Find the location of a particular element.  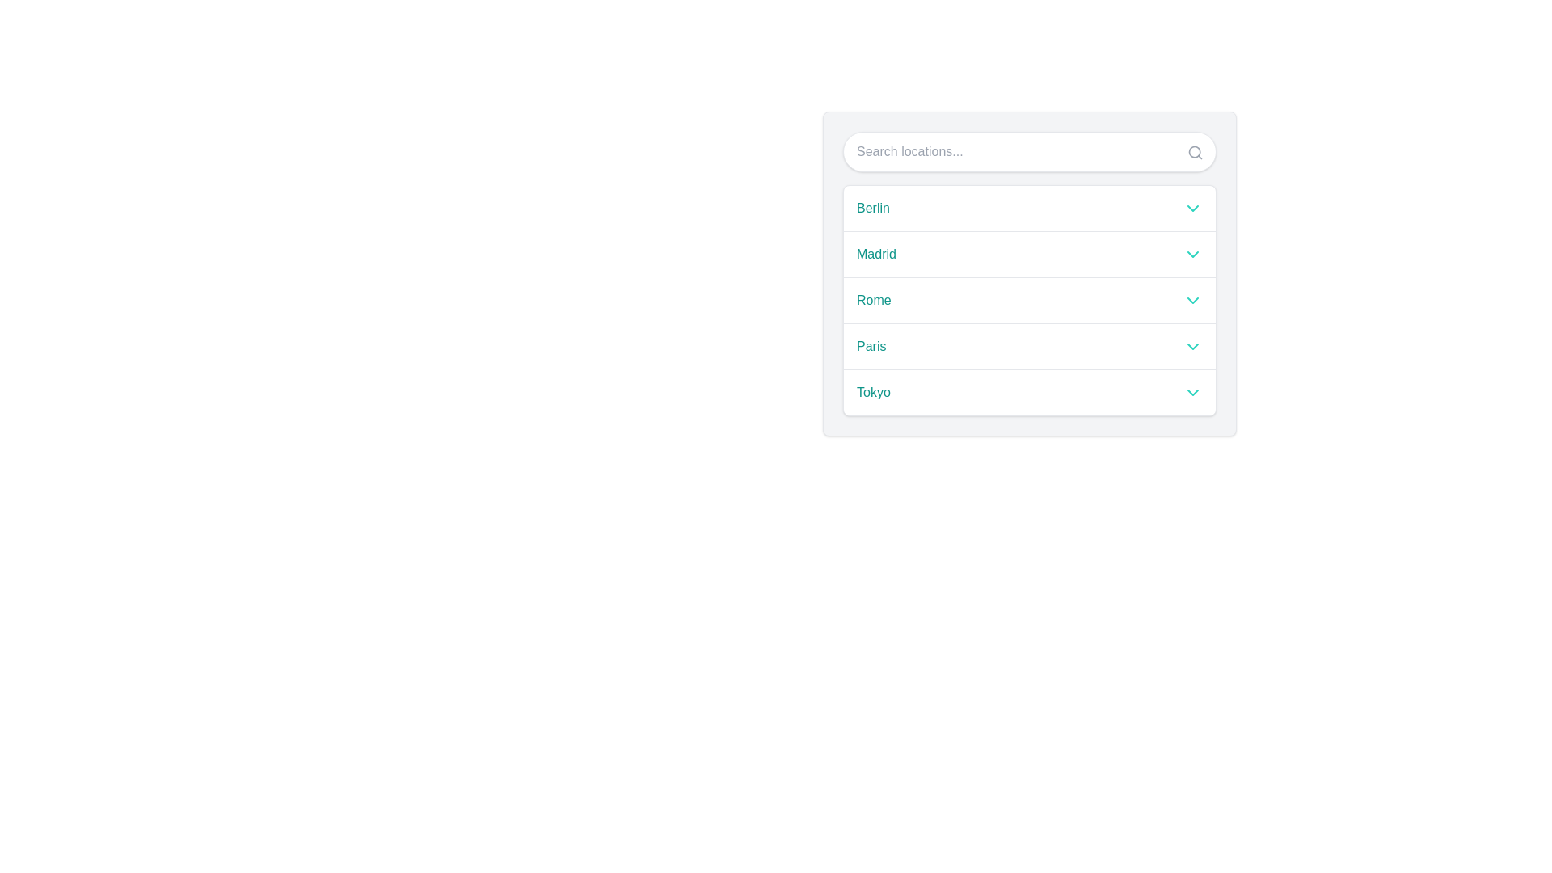

the text label displaying 'Berlin' in teal color for accessibility purposes is located at coordinates (872, 208).